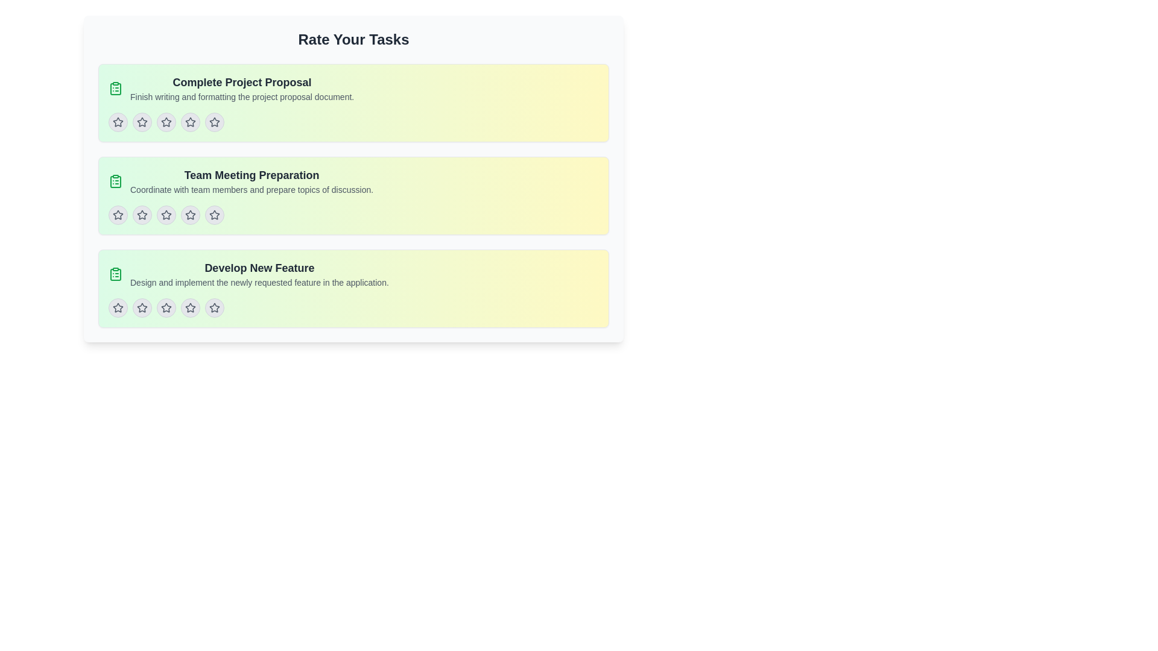  Describe the element at coordinates (353, 195) in the screenshot. I see `the task summary card titled 'Team Meeting Preparation', which is the second card in a vertical stack of three, positioned centrally in the interface` at that location.